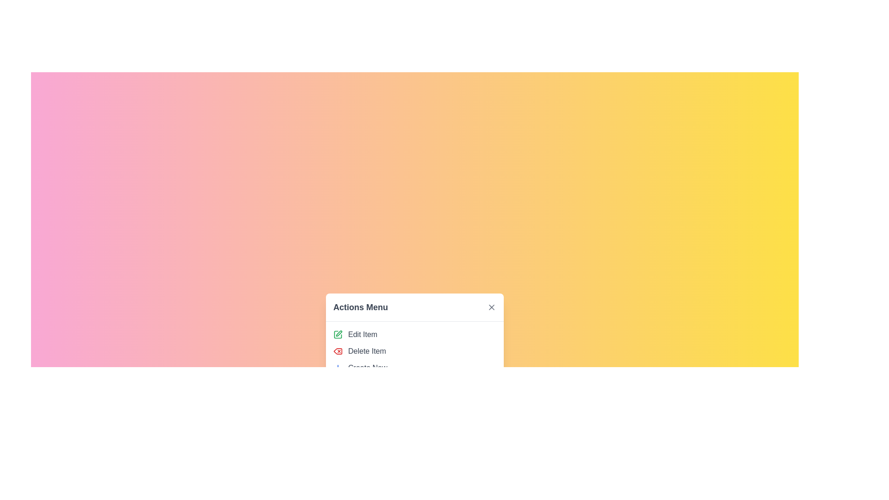 This screenshot has width=889, height=500. I want to click on the Static Text Label that serves as the header for the 'Actions Menu' section, located above the close button icon, so click(360, 307).